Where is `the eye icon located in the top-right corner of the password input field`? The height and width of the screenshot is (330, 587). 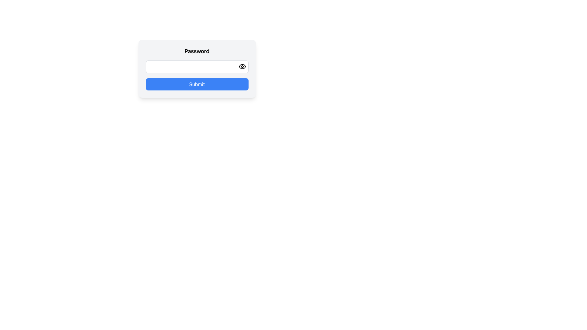
the eye icon located in the top-right corner of the password input field is located at coordinates (242, 67).